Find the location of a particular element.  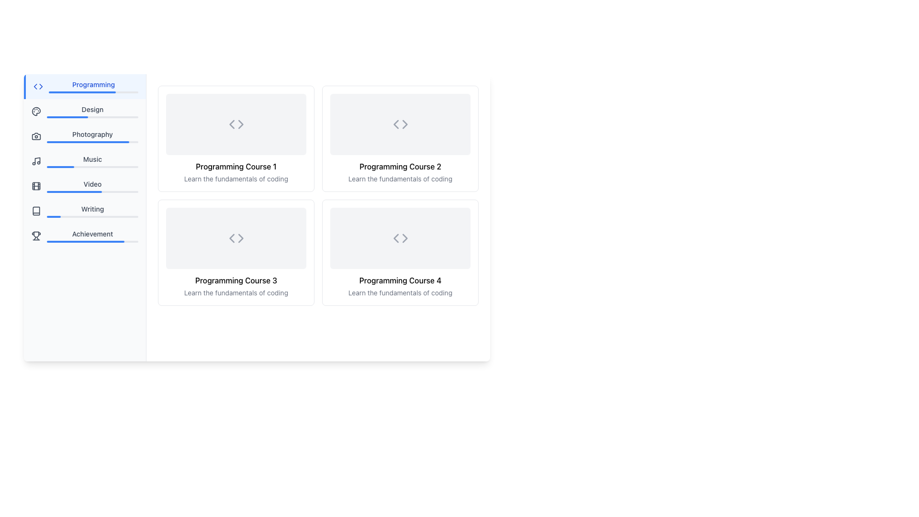

the card representing 'Programming Course 4', located in the bottom-right corner of the grid layout is located at coordinates (400, 252).